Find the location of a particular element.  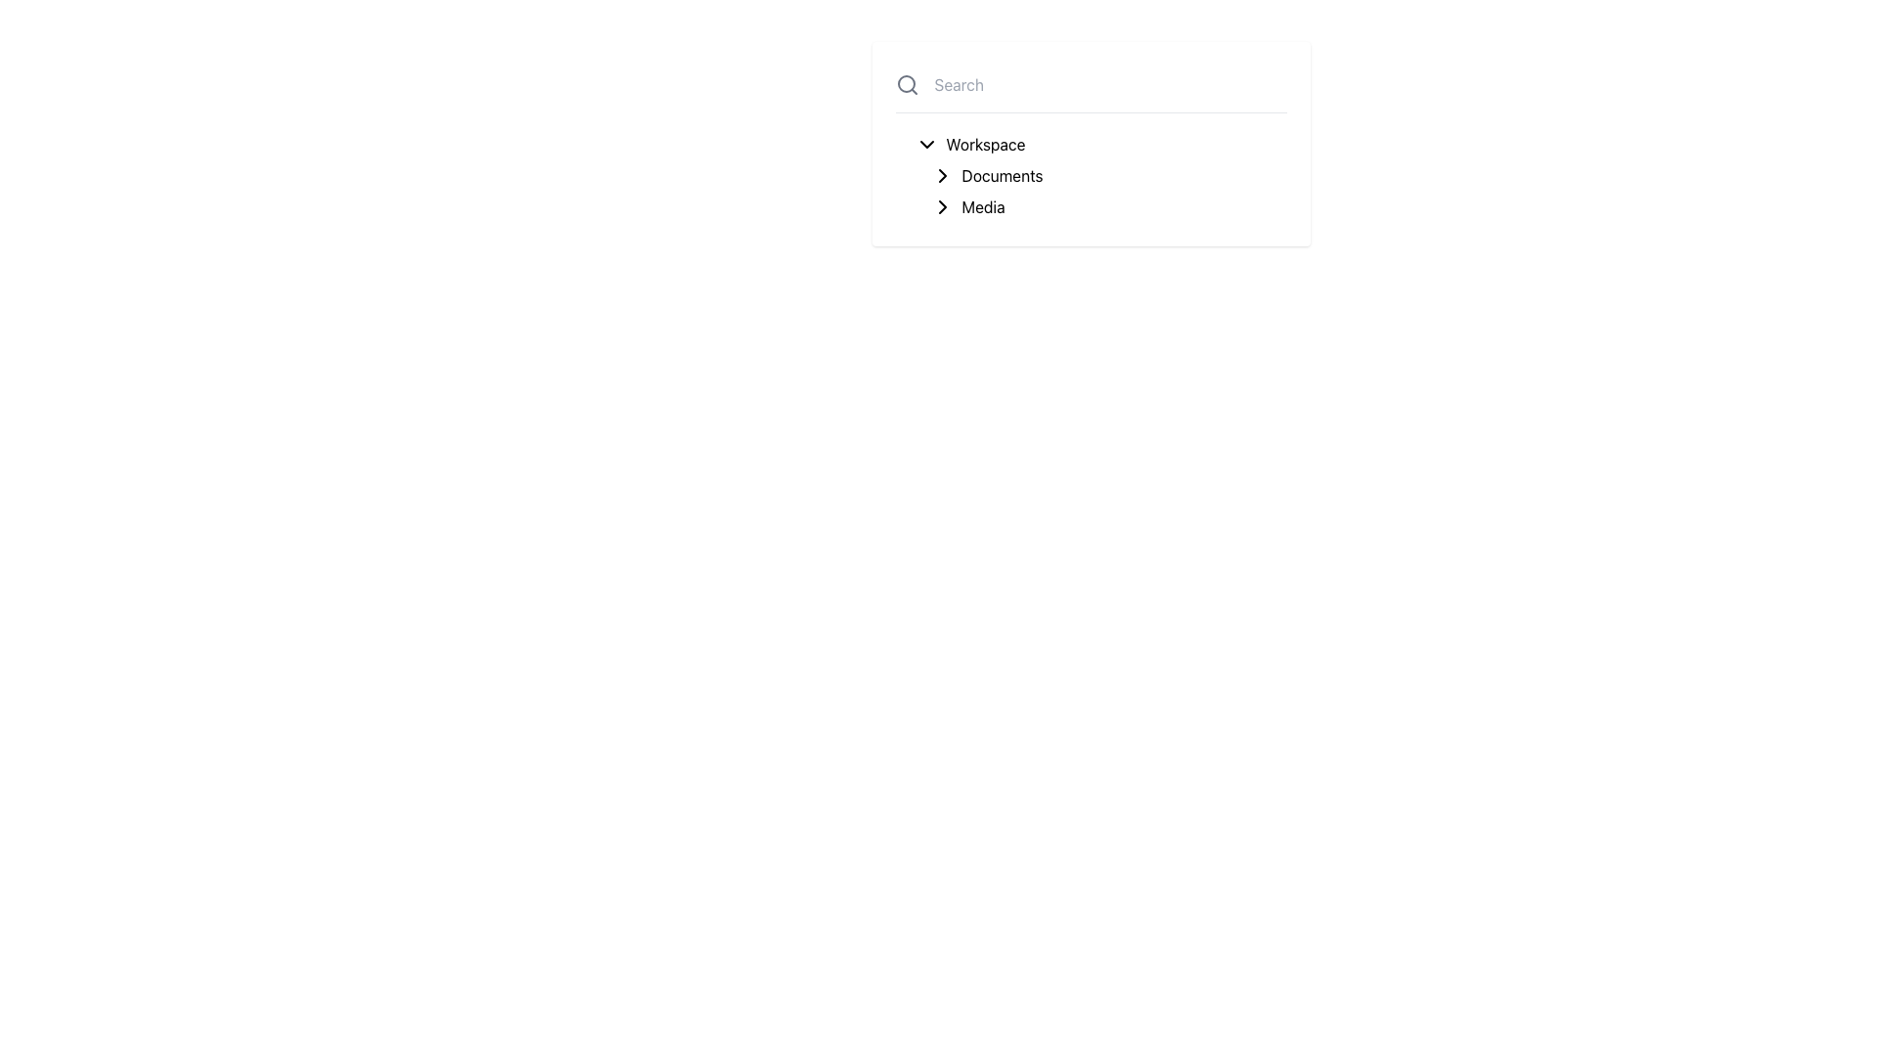

the second list item under the 'Workspace' section is located at coordinates (1098, 176).